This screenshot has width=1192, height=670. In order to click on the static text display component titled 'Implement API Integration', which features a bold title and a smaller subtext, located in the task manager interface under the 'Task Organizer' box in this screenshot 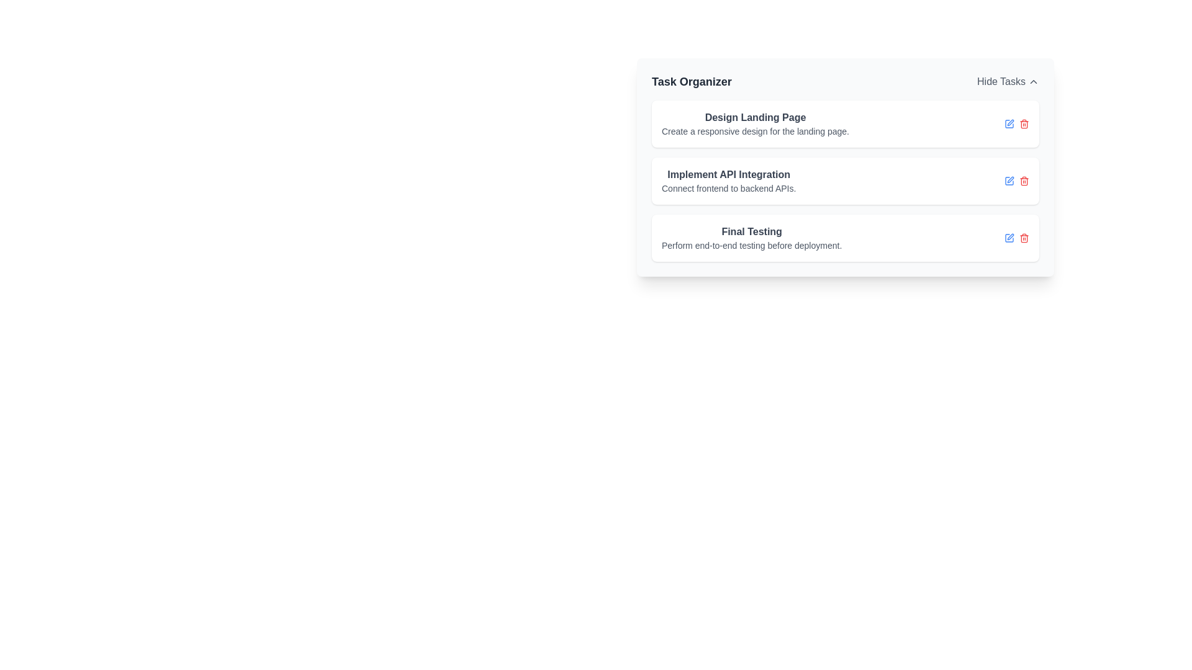, I will do `click(729, 181)`.